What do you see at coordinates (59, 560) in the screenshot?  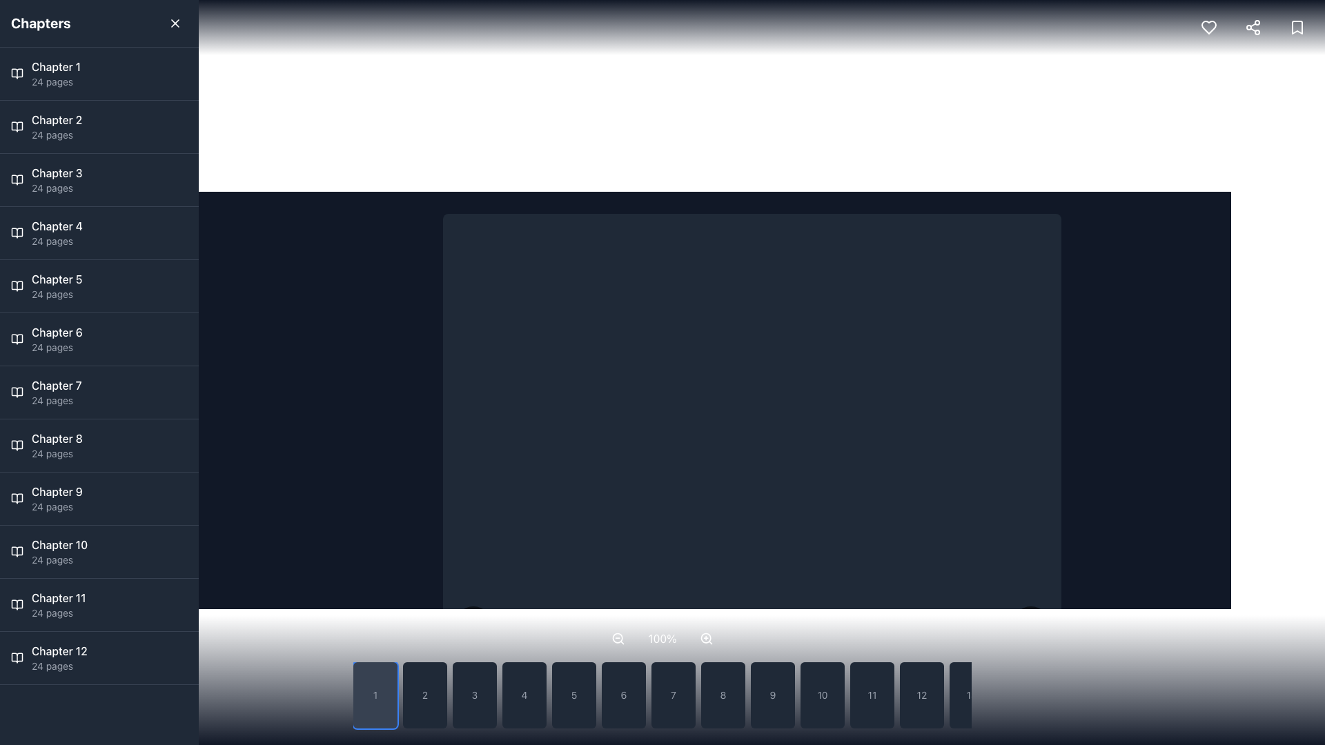 I see `text label displaying '24 pages' located under the title 'Chapter 10' in the left-side vertical list panel` at bounding box center [59, 560].